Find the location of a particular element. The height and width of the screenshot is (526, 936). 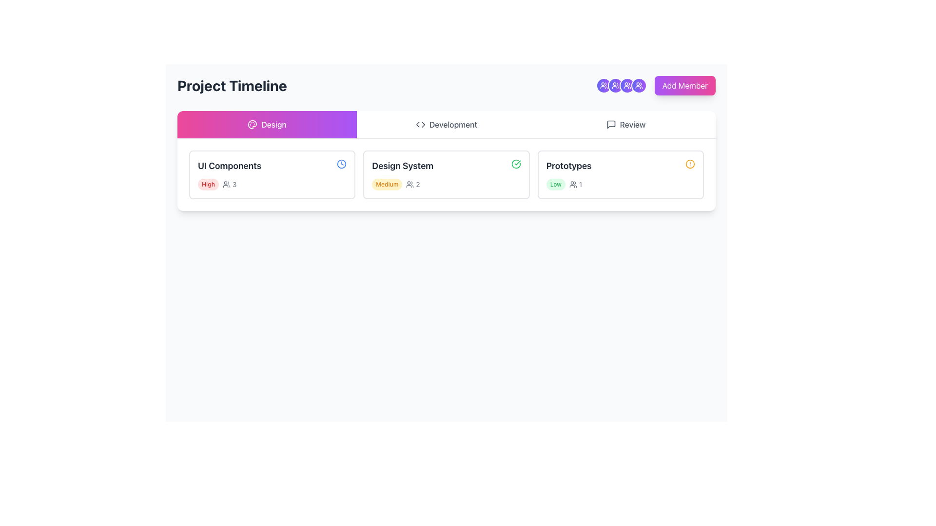

the Text Label located at the top section of the card under the 'Design' tab, positioned to the left next to a small icon is located at coordinates (229, 165).